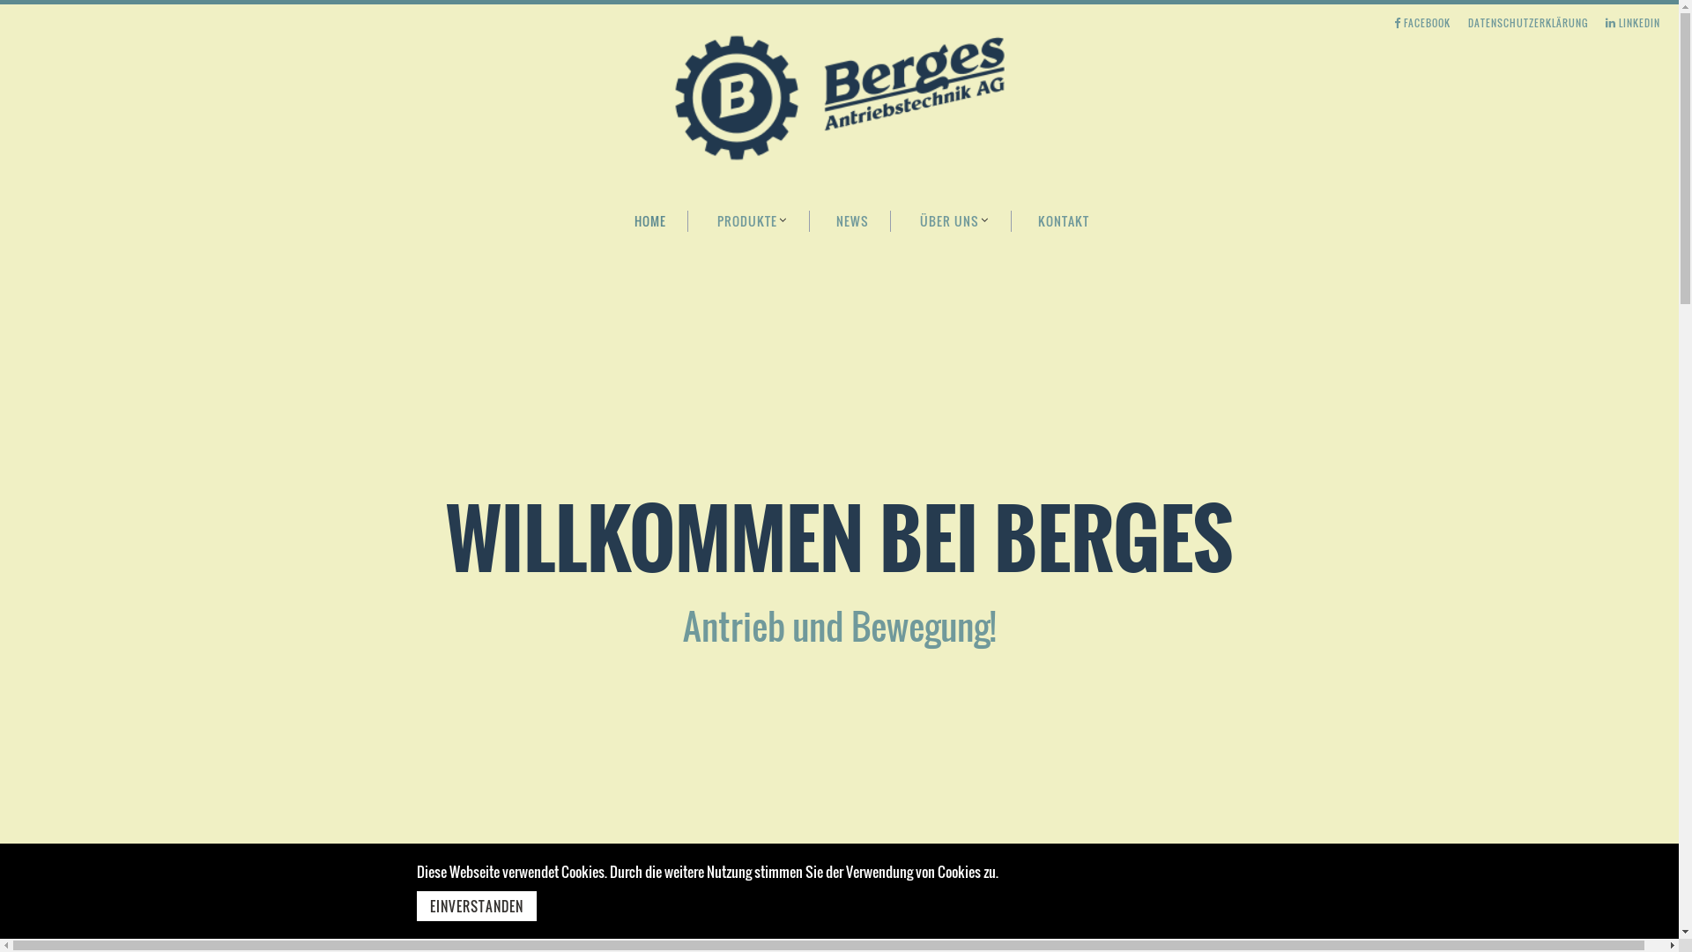 This screenshot has width=1692, height=952. What do you see at coordinates (854, 216) in the screenshot?
I see `'NEWS'` at bounding box center [854, 216].